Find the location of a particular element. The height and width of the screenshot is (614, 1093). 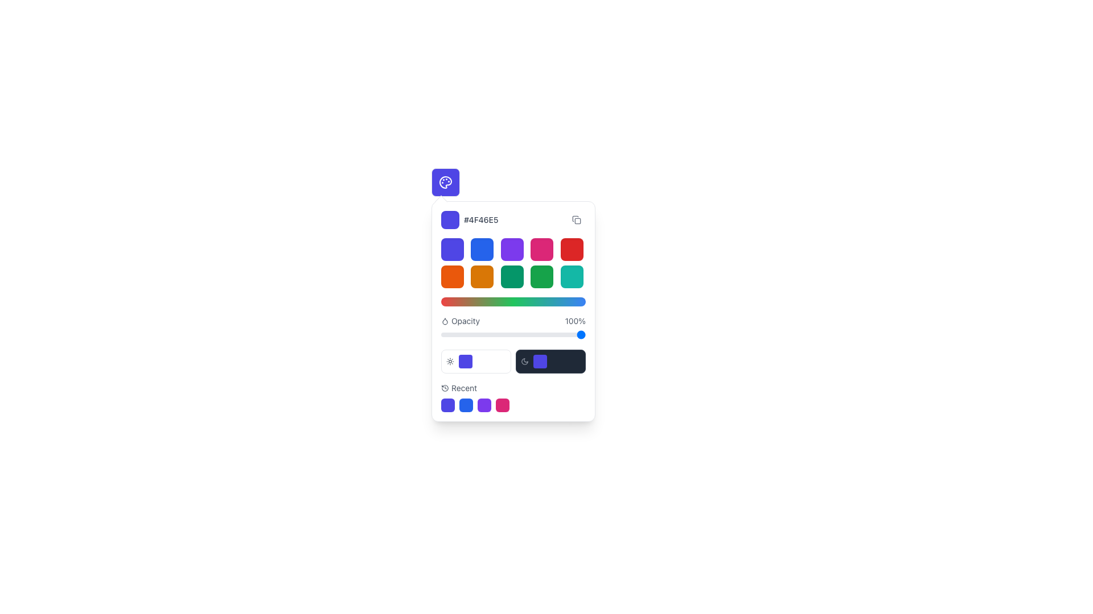

opacity is located at coordinates (477, 334).